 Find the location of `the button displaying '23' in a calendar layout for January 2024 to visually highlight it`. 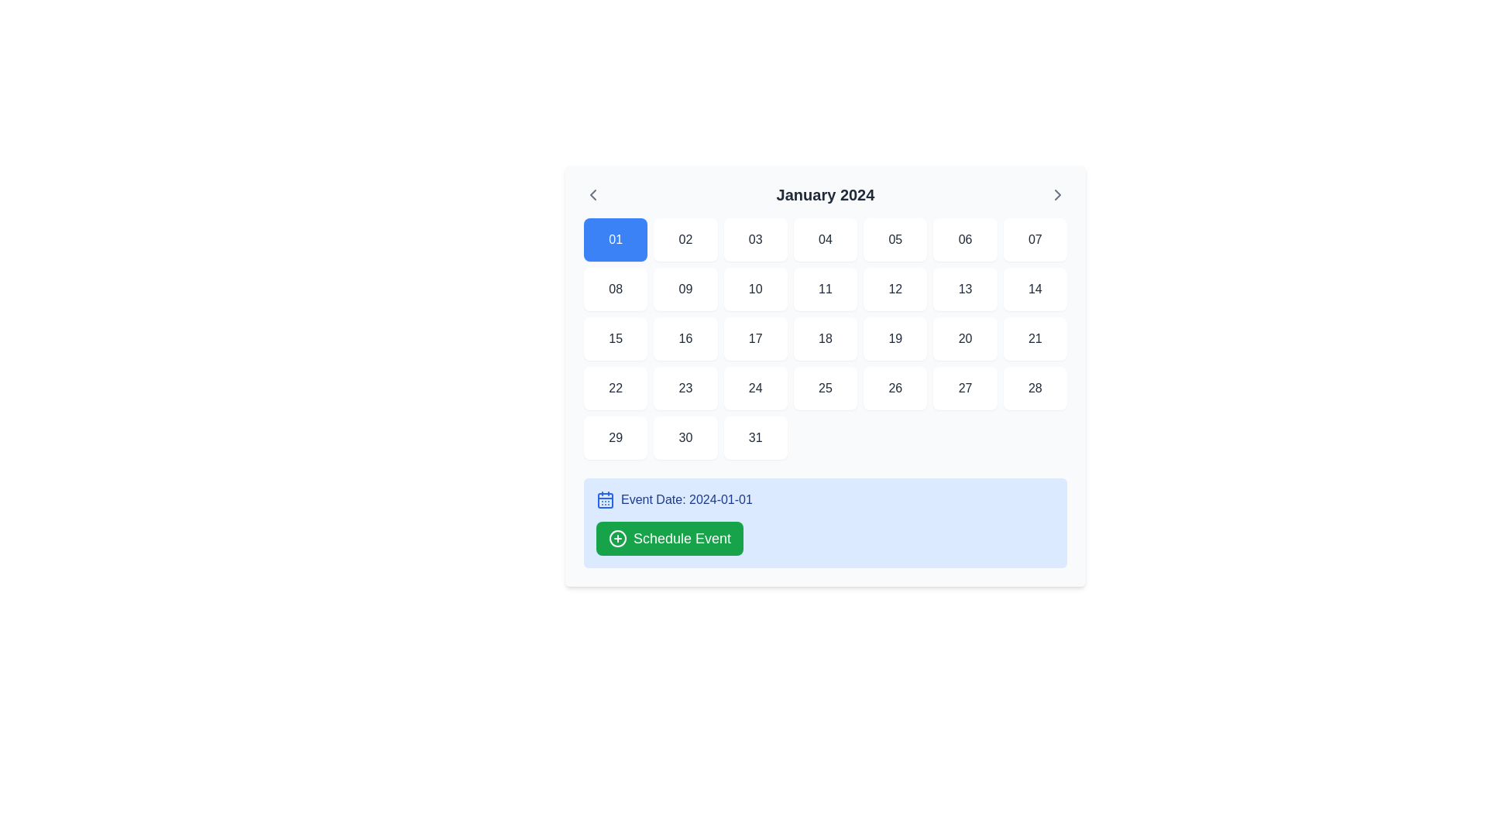

the button displaying '23' in a calendar layout for January 2024 to visually highlight it is located at coordinates (685, 387).